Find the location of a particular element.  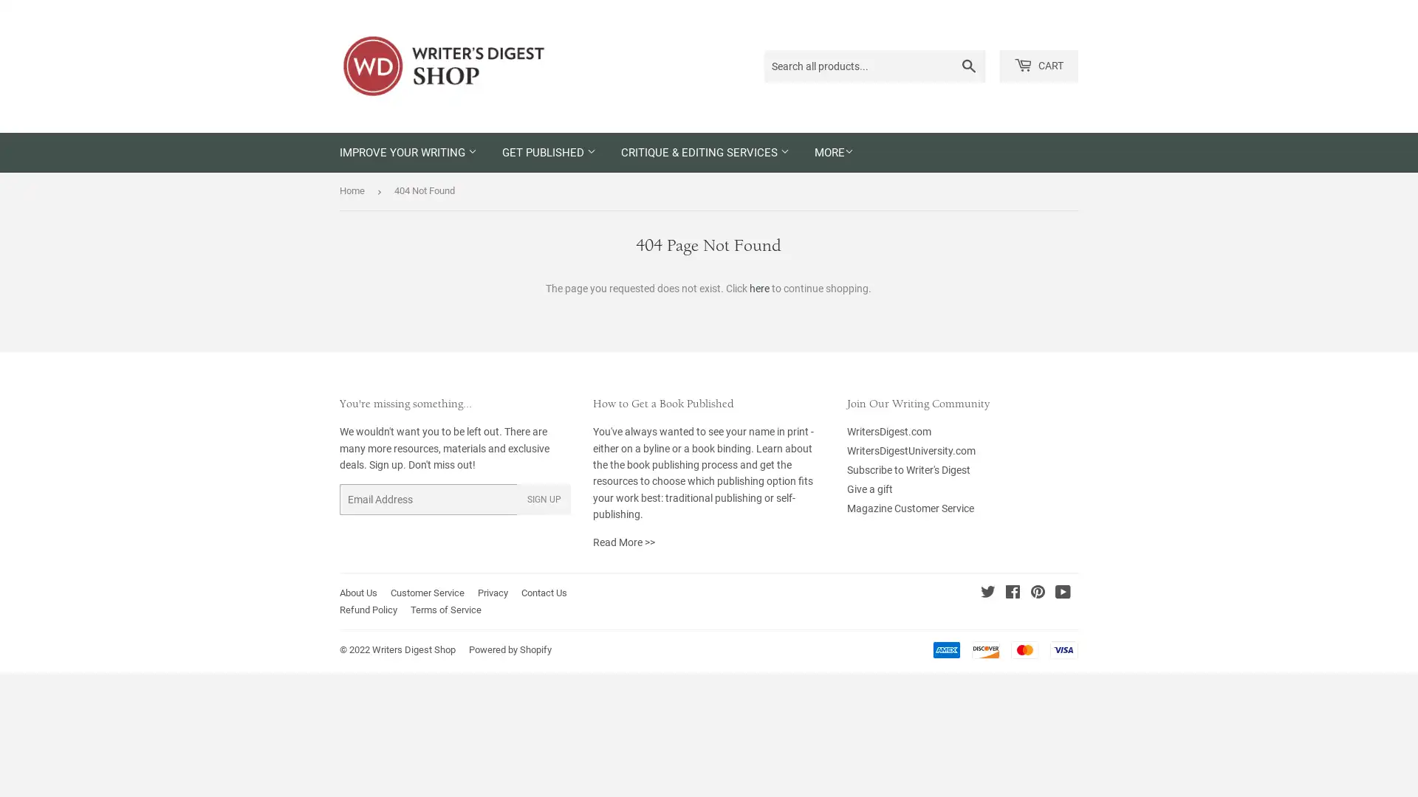

SIGN UP is located at coordinates (544, 499).